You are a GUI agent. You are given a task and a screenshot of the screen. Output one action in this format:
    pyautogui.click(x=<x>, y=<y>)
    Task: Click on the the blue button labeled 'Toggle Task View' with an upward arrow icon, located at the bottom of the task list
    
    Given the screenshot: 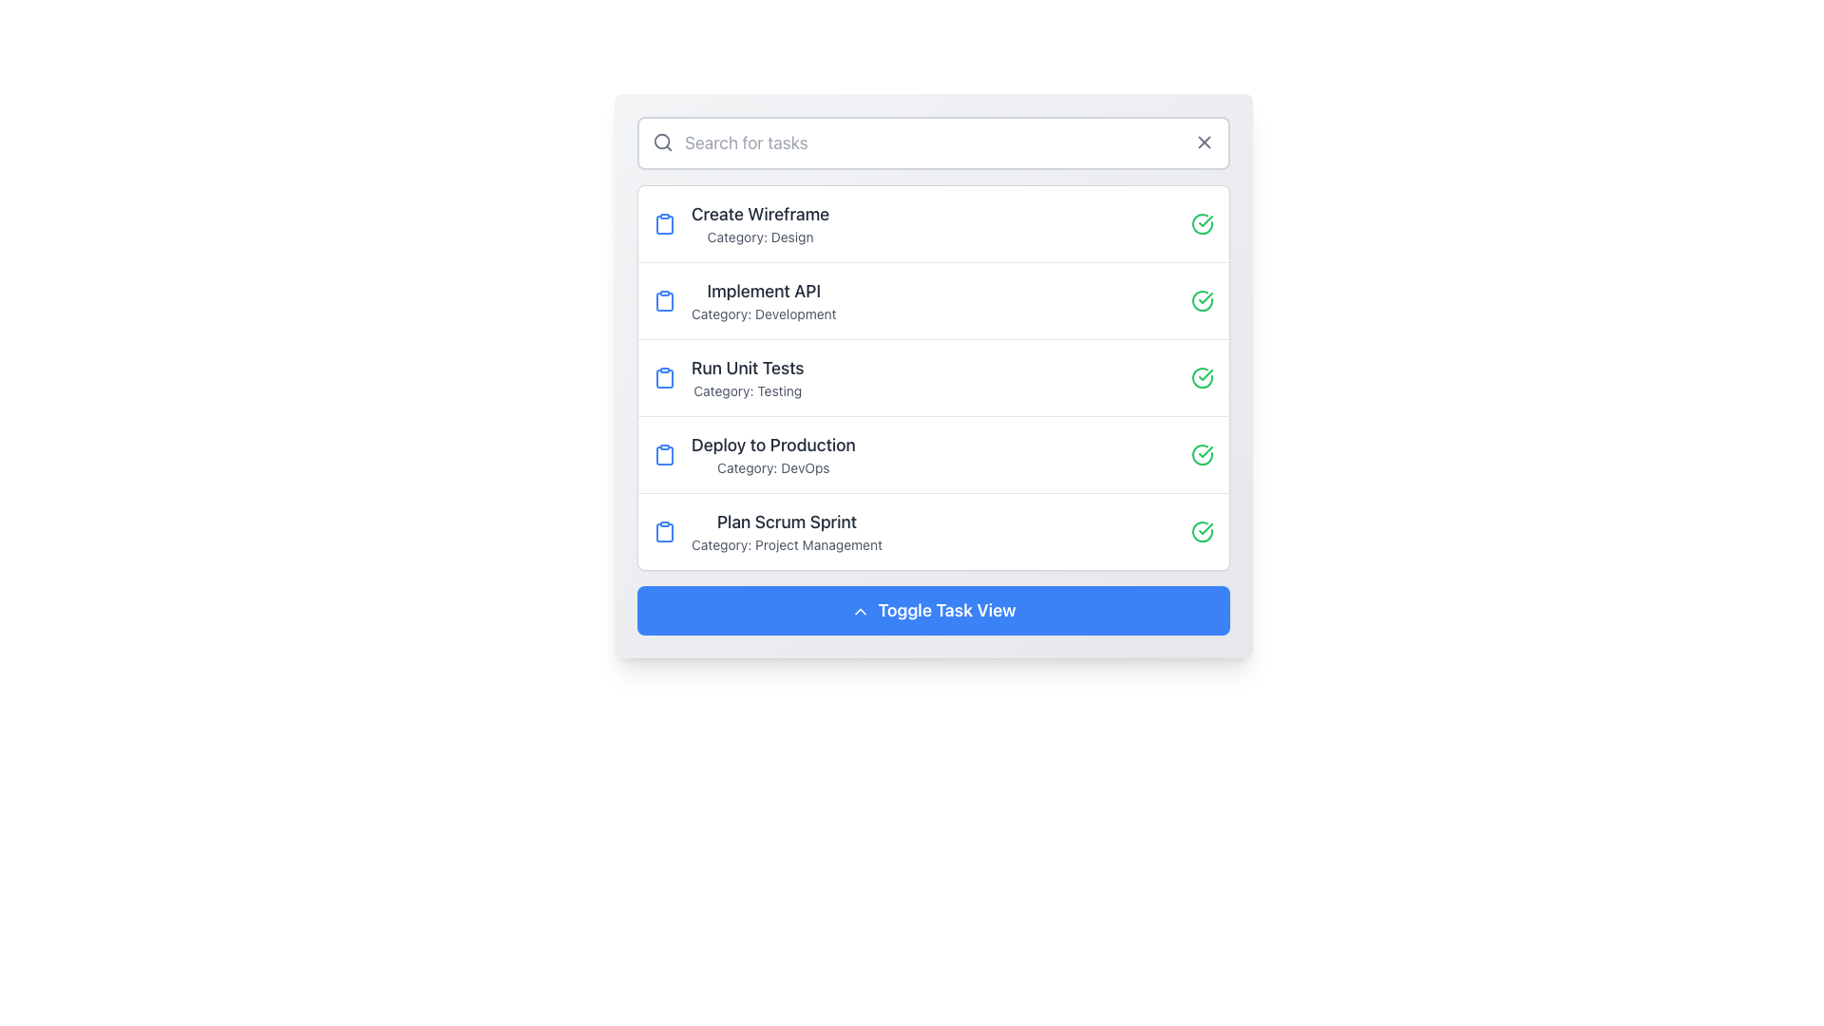 What is the action you would take?
    pyautogui.click(x=934, y=611)
    